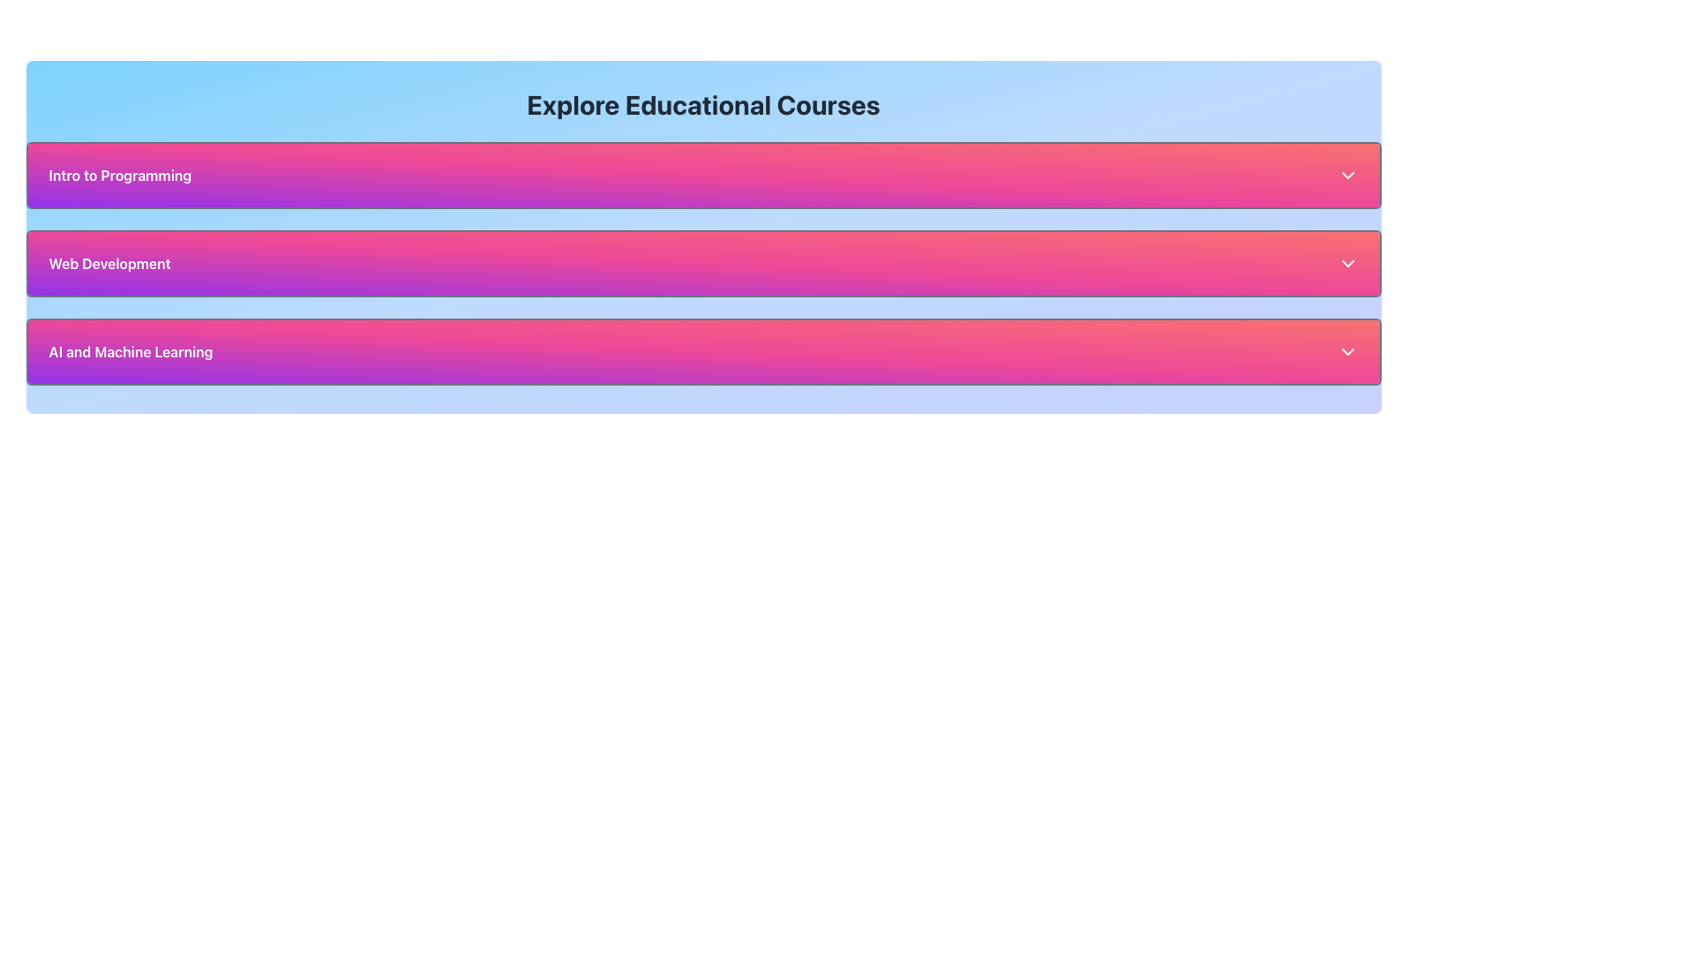 This screenshot has height=953, width=1694. I want to click on the downward-facing chevron icon that complements the text 'AI and Machine Learning' to trigger the hover effects, so click(1346, 351).